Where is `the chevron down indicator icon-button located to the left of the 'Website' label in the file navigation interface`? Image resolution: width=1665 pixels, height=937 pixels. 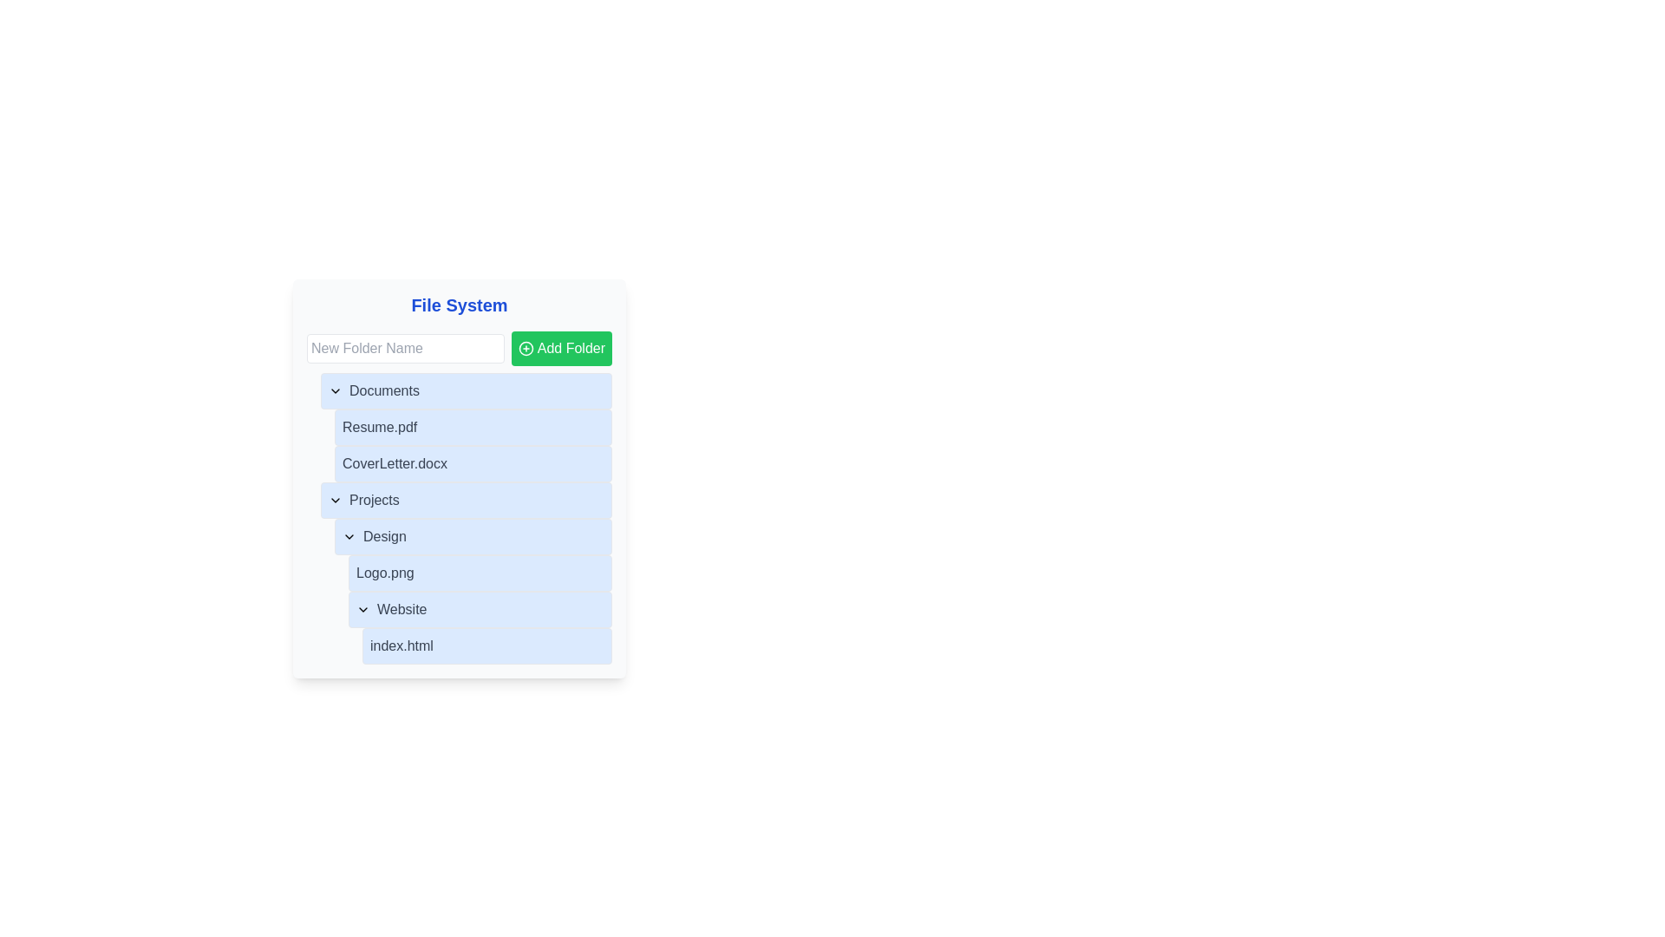 the chevron down indicator icon-button located to the left of the 'Website' label in the file navigation interface is located at coordinates (362, 608).